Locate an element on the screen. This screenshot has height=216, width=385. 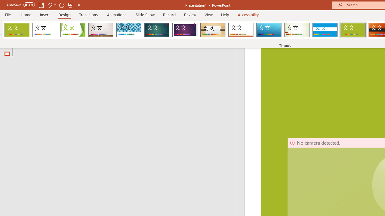
'Ion Boardroom' is located at coordinates (185, 30).